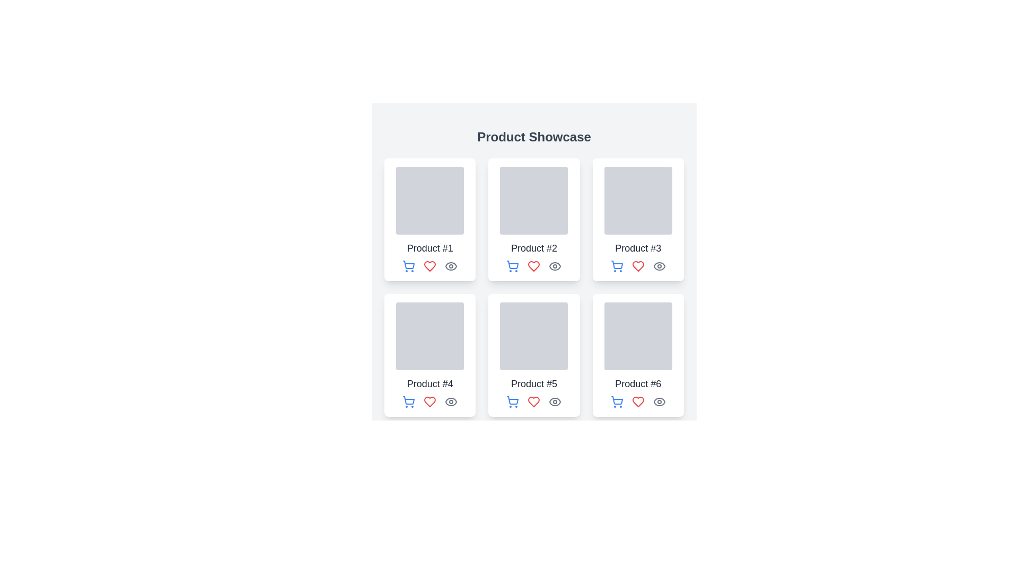 The width and height of the screenshot is (1018, 572). Describe the element at coordinates (637, 355) in the screenshot. I see `the Product card, which is a rectangular card with a white background and rounded corners, located in the second row and third column of a grid layout` at that location.